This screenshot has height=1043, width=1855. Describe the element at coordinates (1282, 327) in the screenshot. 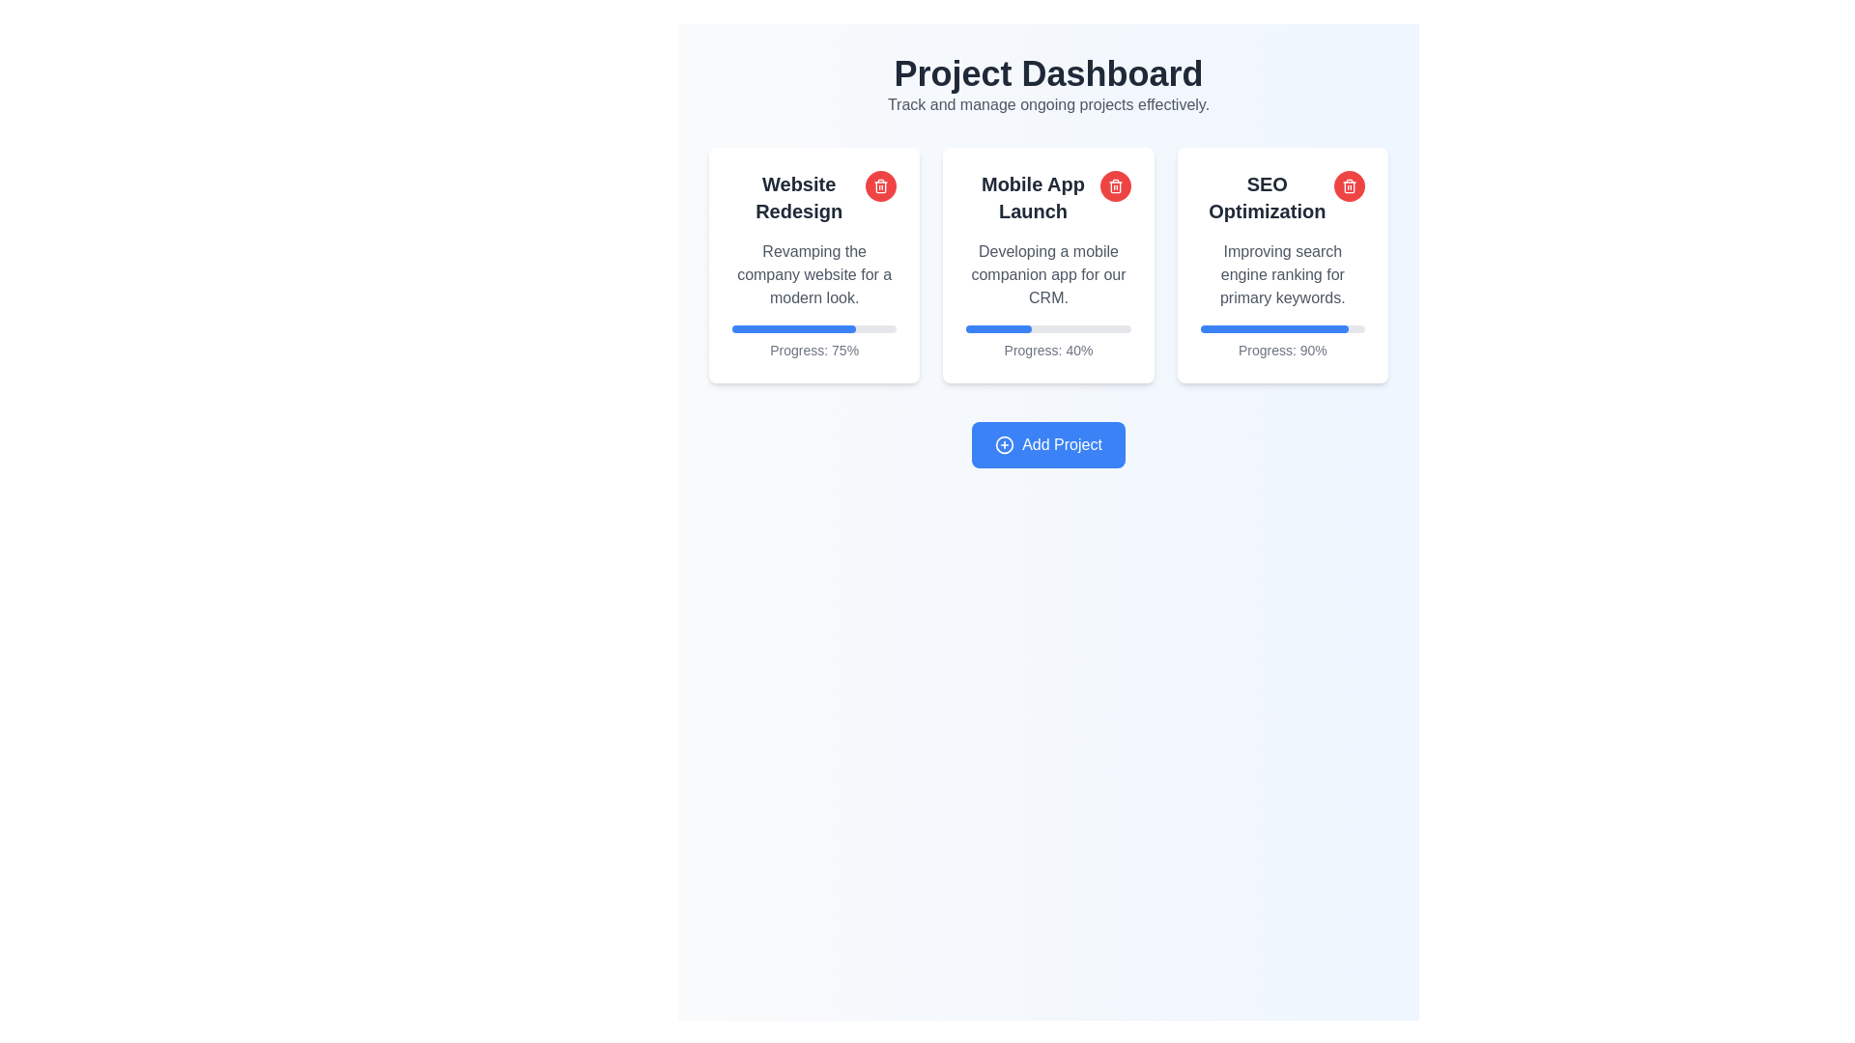

I see `the completion level of the progress bar indicating 90% completion within the 'SEO Optimization' card on the main dashboard` at that location.